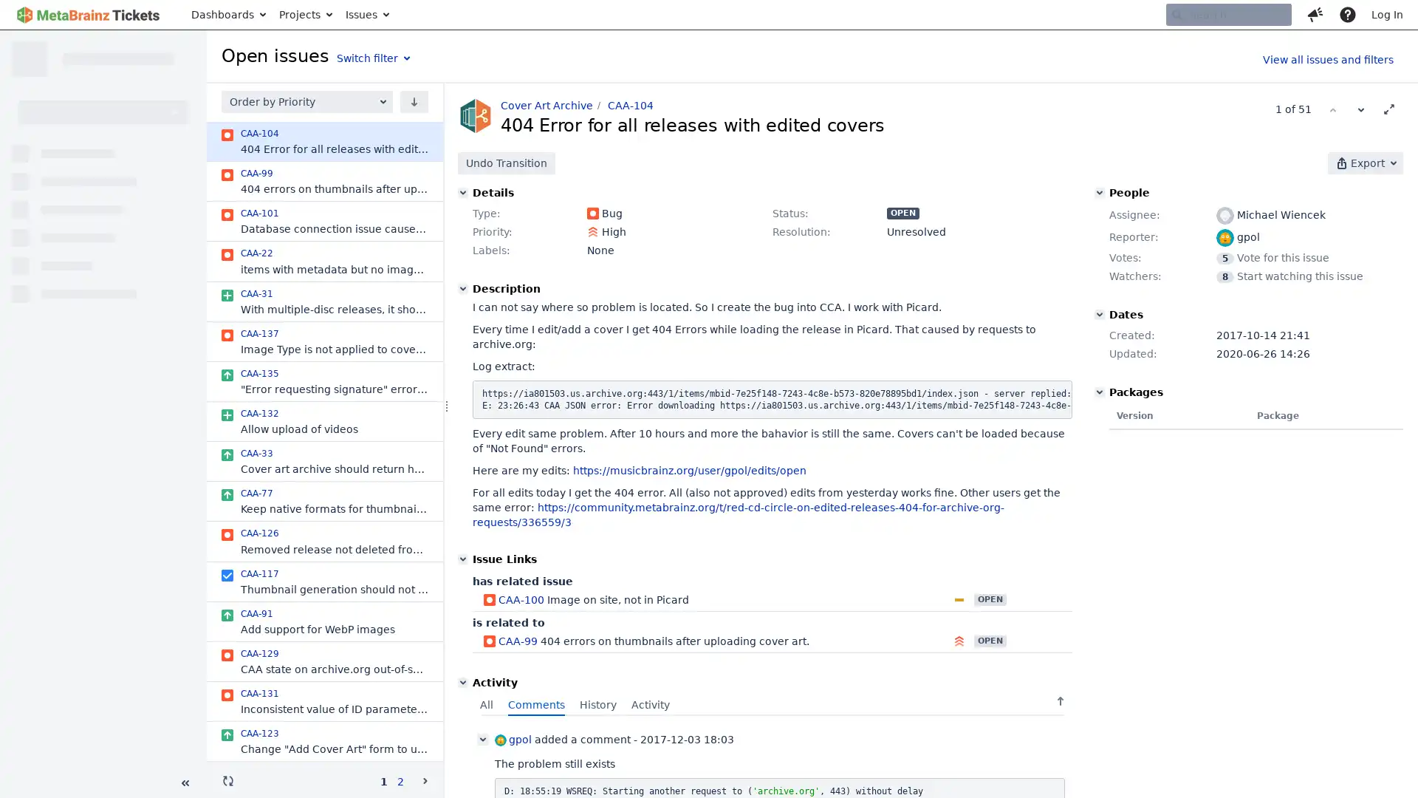  Describe the element at coordinates (1099, 313) in the screenshot. I see `Dates` at that location.